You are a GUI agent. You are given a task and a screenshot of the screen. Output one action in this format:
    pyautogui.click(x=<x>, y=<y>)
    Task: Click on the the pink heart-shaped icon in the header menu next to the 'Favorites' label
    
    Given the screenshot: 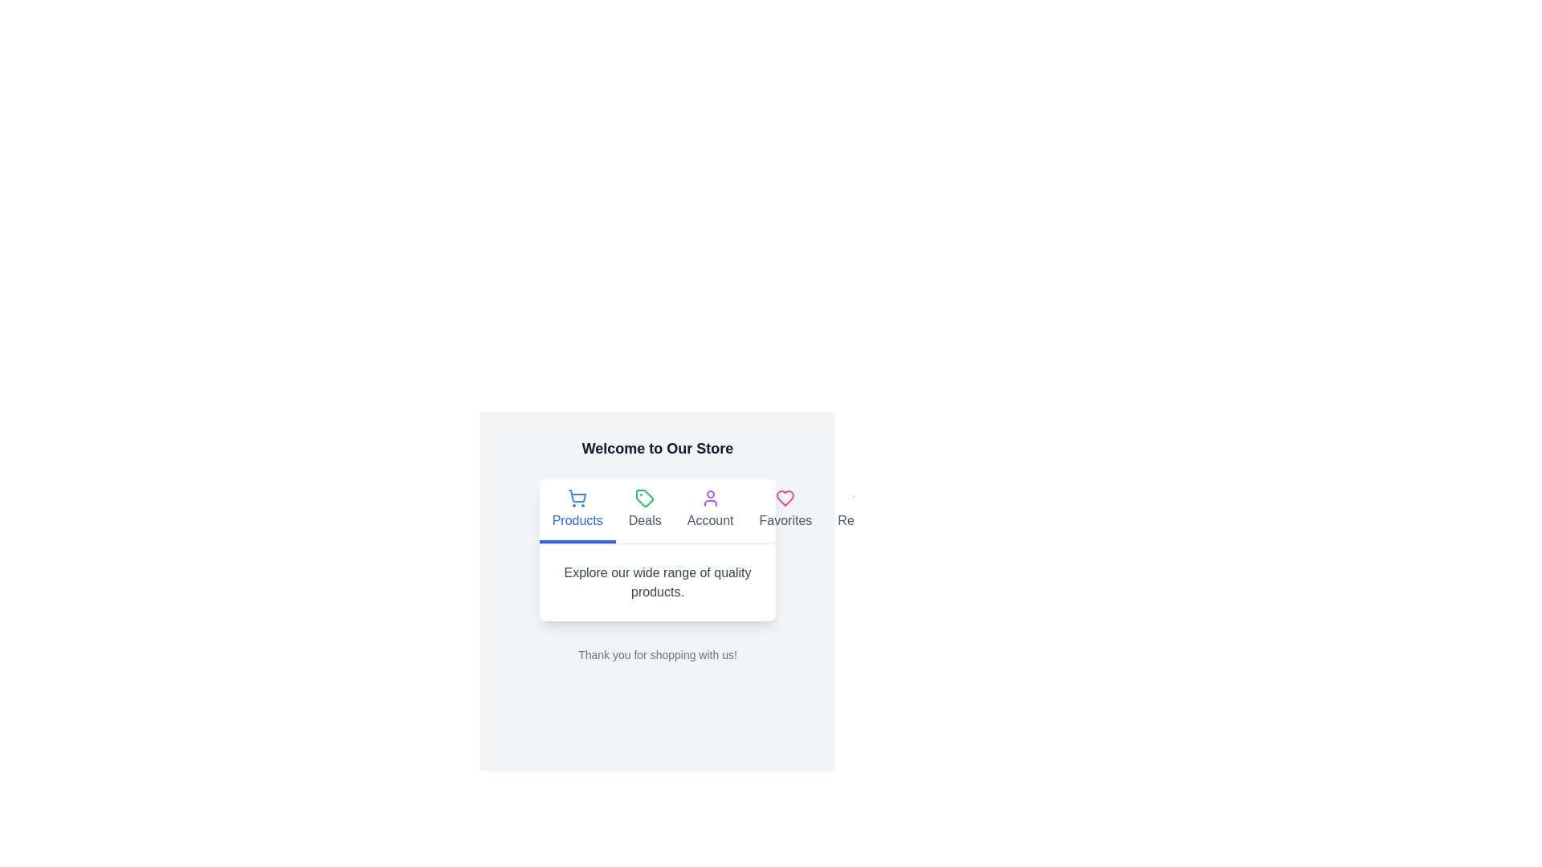 What is the action you would take?
    pyautogui.click(x=785, y=498)
    